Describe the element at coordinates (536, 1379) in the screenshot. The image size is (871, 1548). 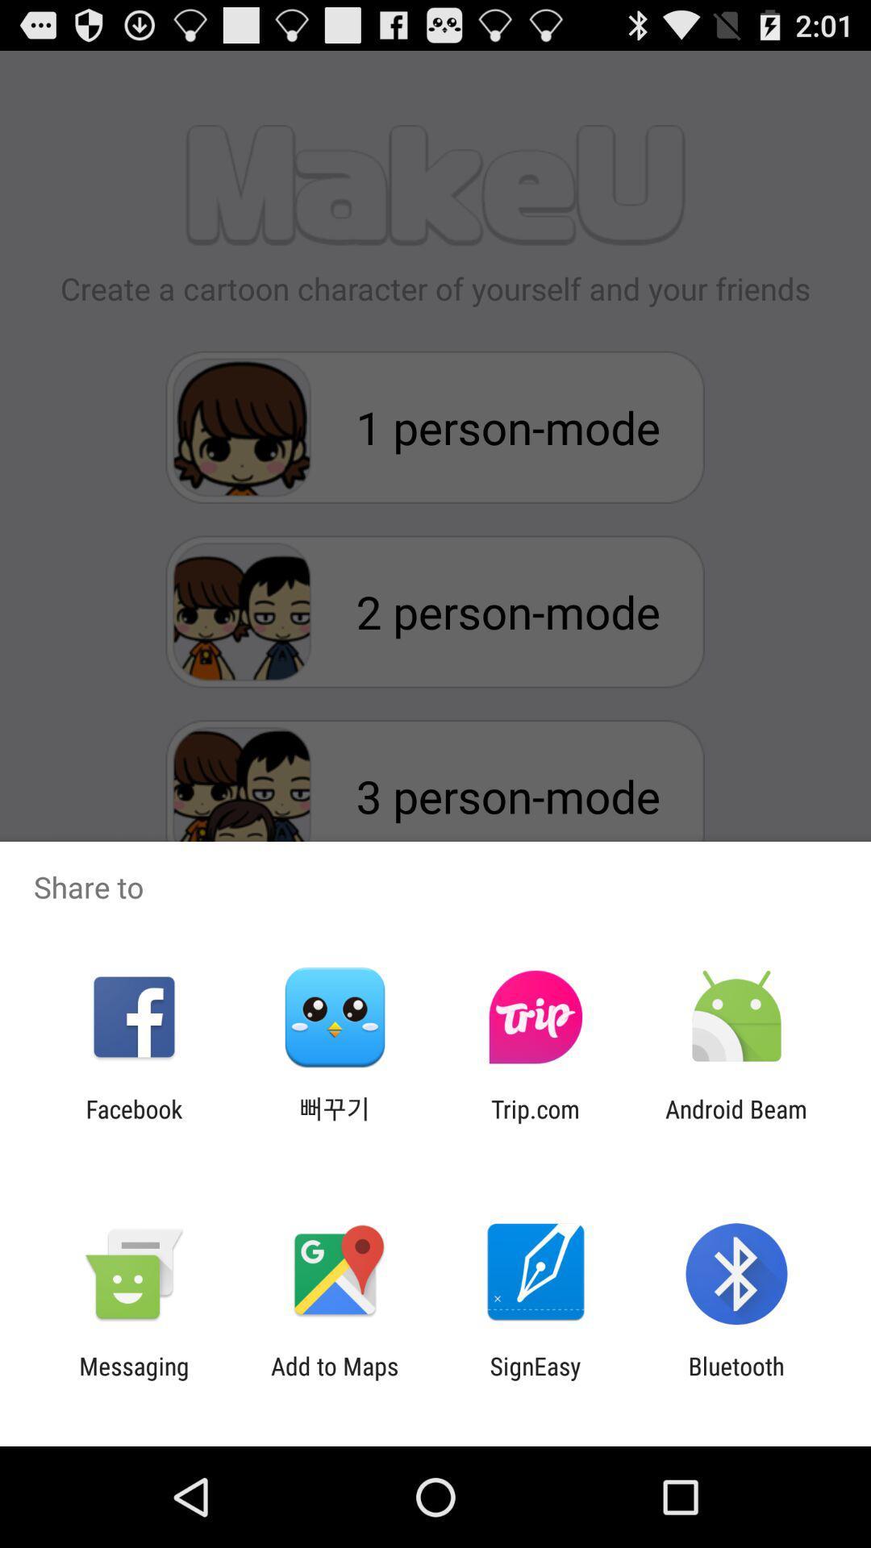
I see `app to the left of the bluetooth app` at that location.